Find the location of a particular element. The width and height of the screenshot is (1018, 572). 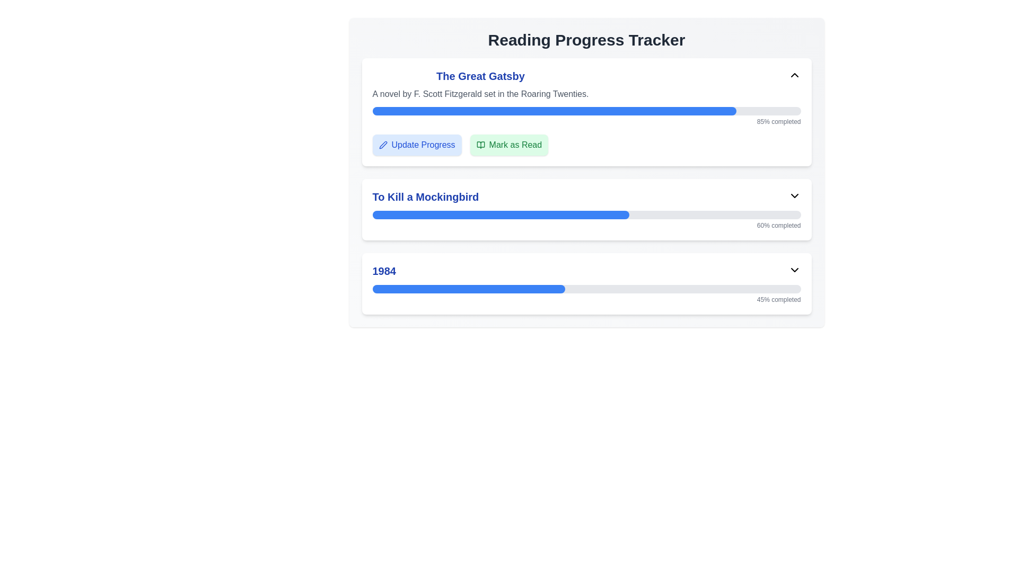

the progress bar of the 'To Kill a Mockingbird' section in the Reading Progress Tracker is located at coordinates (586, 185).